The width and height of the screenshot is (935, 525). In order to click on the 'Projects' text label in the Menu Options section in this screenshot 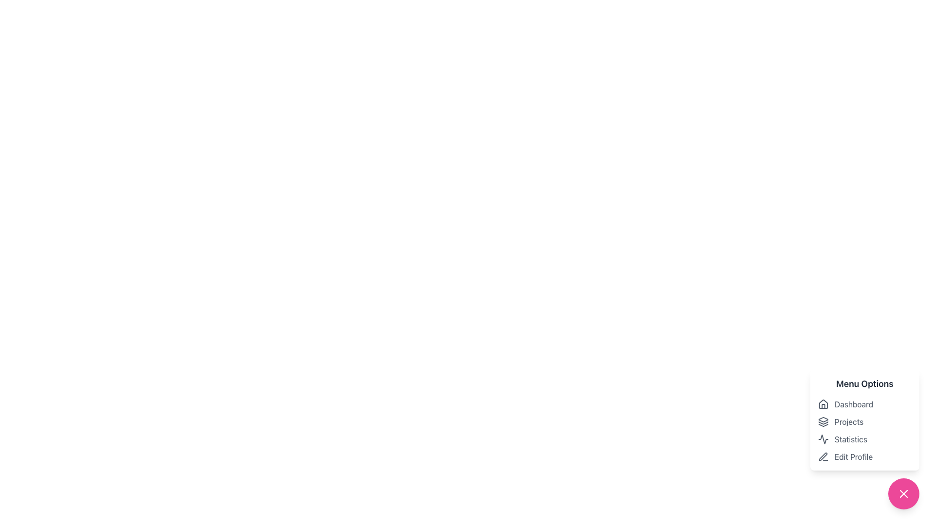, I will do `click(848, 421)`.